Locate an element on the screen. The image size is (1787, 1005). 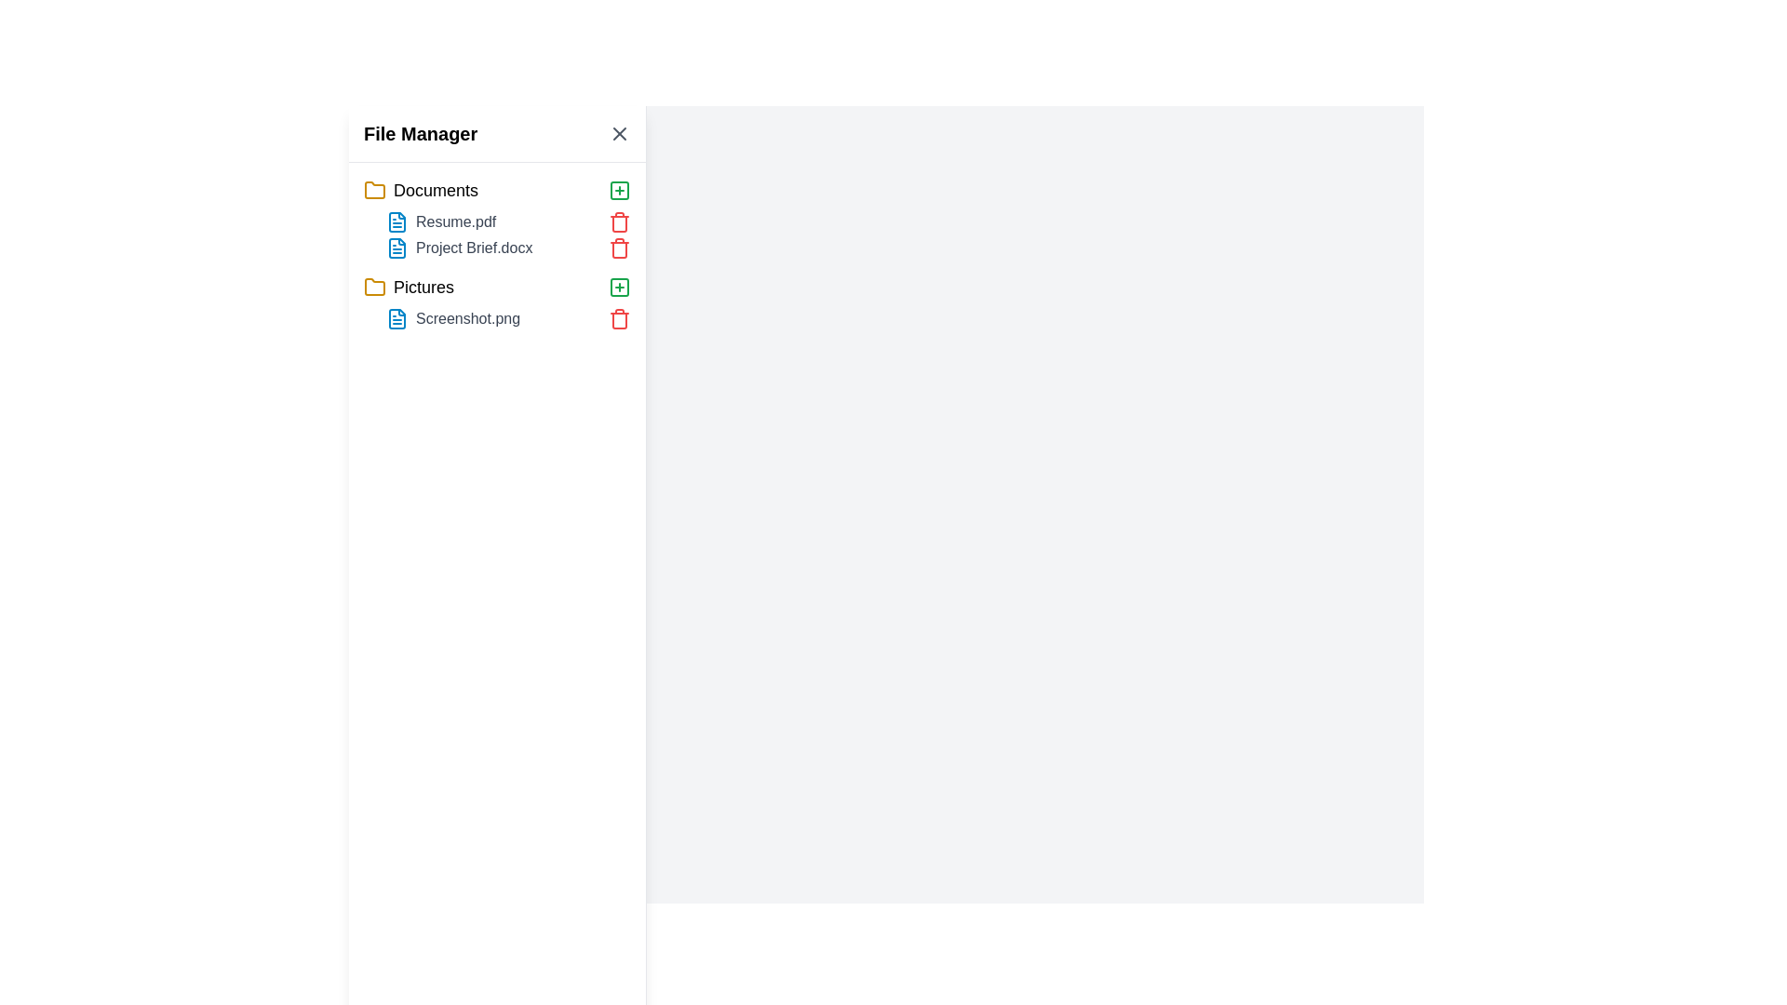
the appearance of the green-bordered square with rounded corners that represents the plus sign in the file management interface, located adjacent to the 'Documents' folder entry is located at coordinates (620, 287).